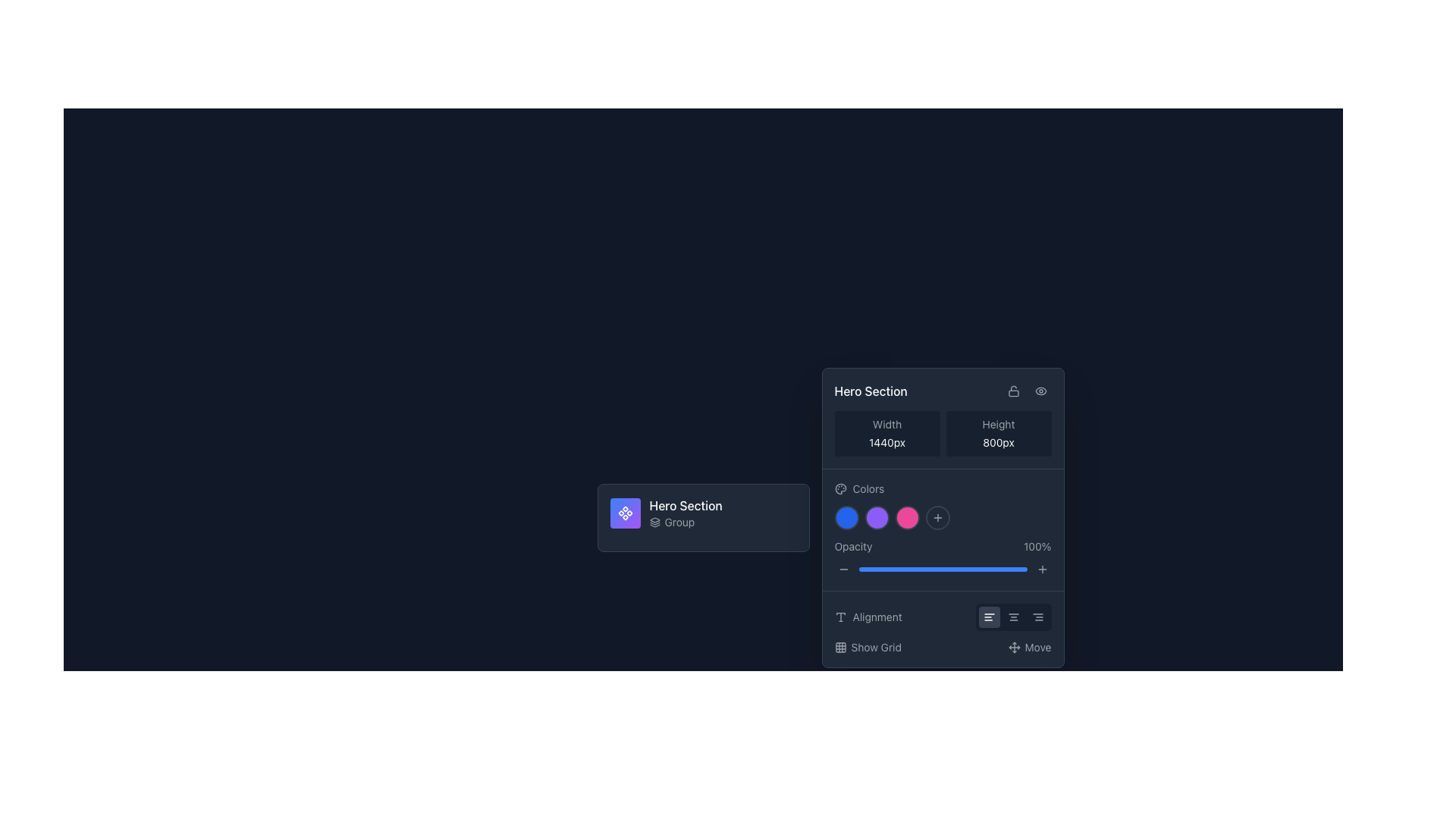  What do you see at coordinates (654, 522) in the screenshot?
I see `the graphical icon with three stacked trapezoidal layers located to the left of the 'Group' label in the lower-left portion of the 'Hero Section' box` at bounding box center [654, 522].